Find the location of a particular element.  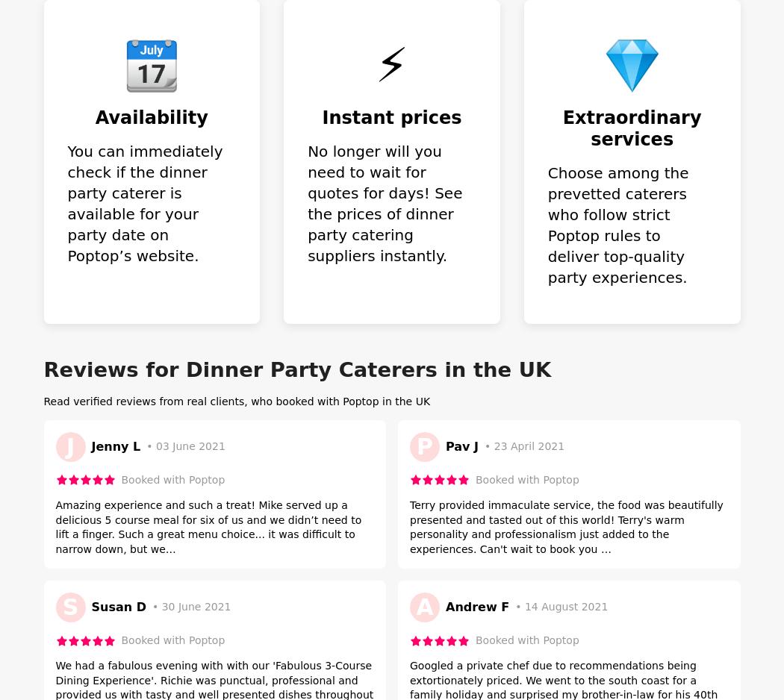

'No longer will you need to wait for quotes for days! See the prices of dinner party catering suppliers instantly.' is located at coordinates (384, 203).